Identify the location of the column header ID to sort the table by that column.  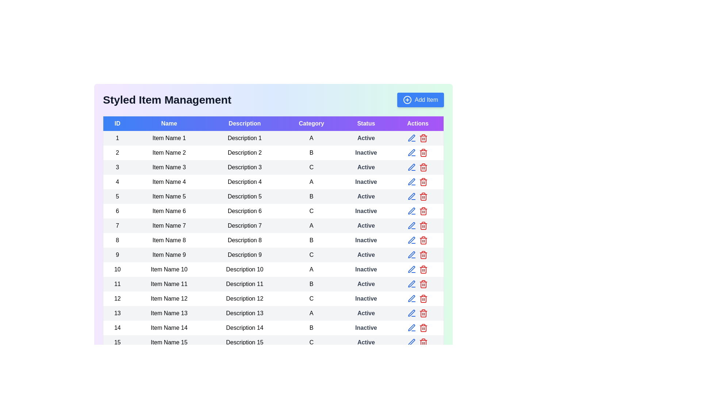
(117, 123).